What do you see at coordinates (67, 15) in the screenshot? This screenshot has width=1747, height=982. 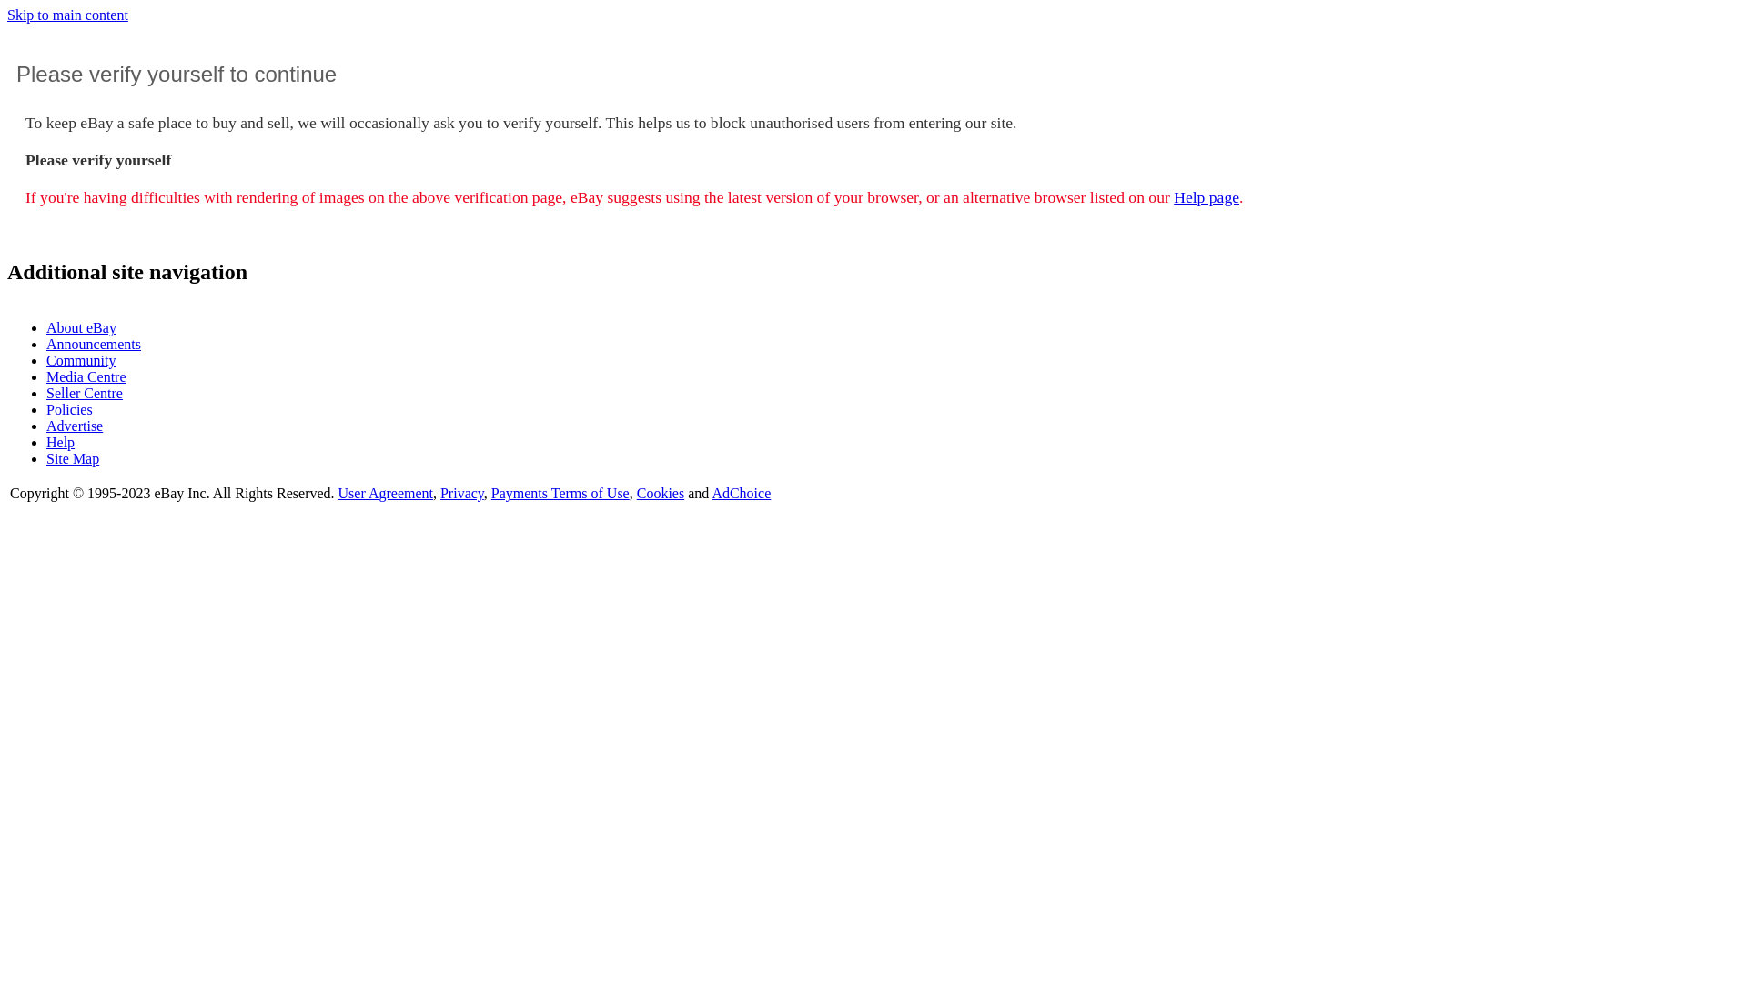 I see `'Skip to main content'` at bounding box center [67, 15].